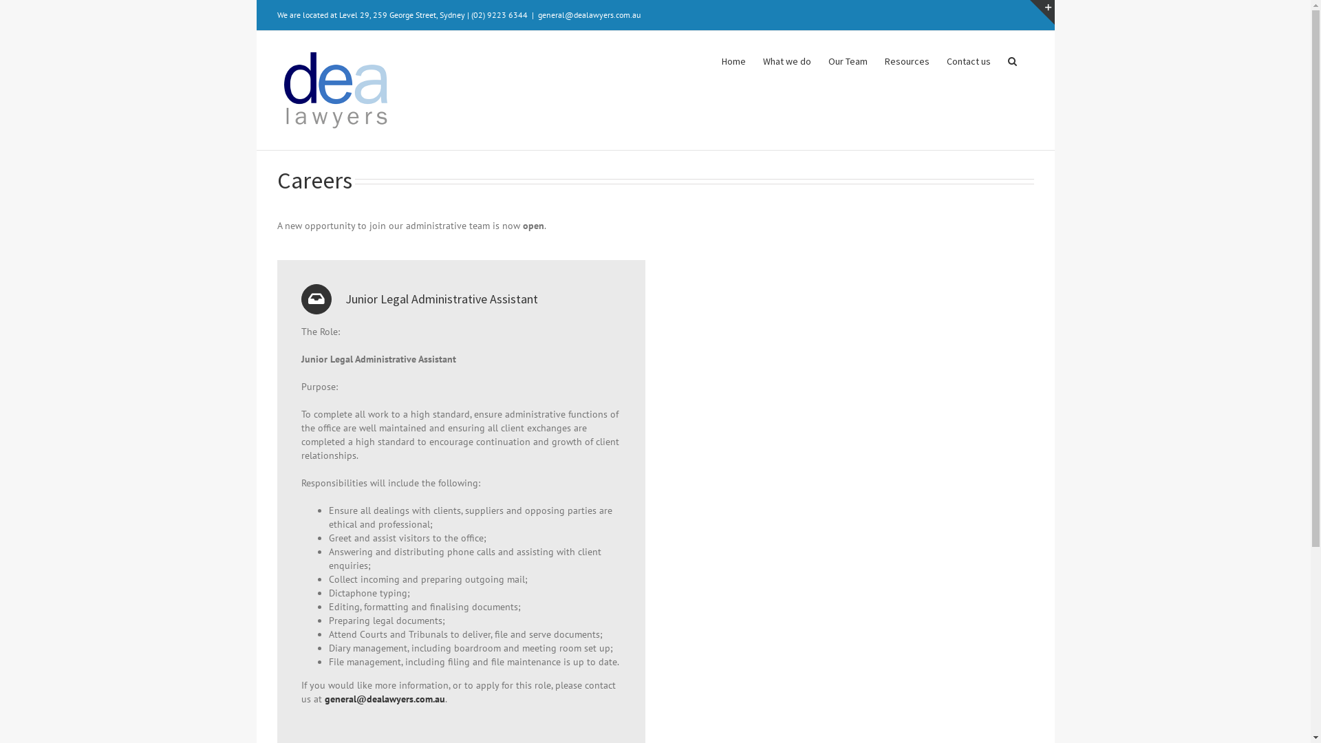 This screenshot has width=1321, height=743. What do you see at coordinates (967, 59) in the screenshot?
I see `'Contact us'` at bounding box center [967, 59].